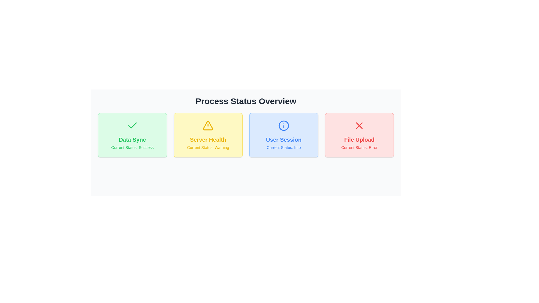  I want to click on the Text label that indicates the current status information related to the 'User Session', which is the second text line in the 'User Session' card, directly below the title 'User Session', so click(284, 147).